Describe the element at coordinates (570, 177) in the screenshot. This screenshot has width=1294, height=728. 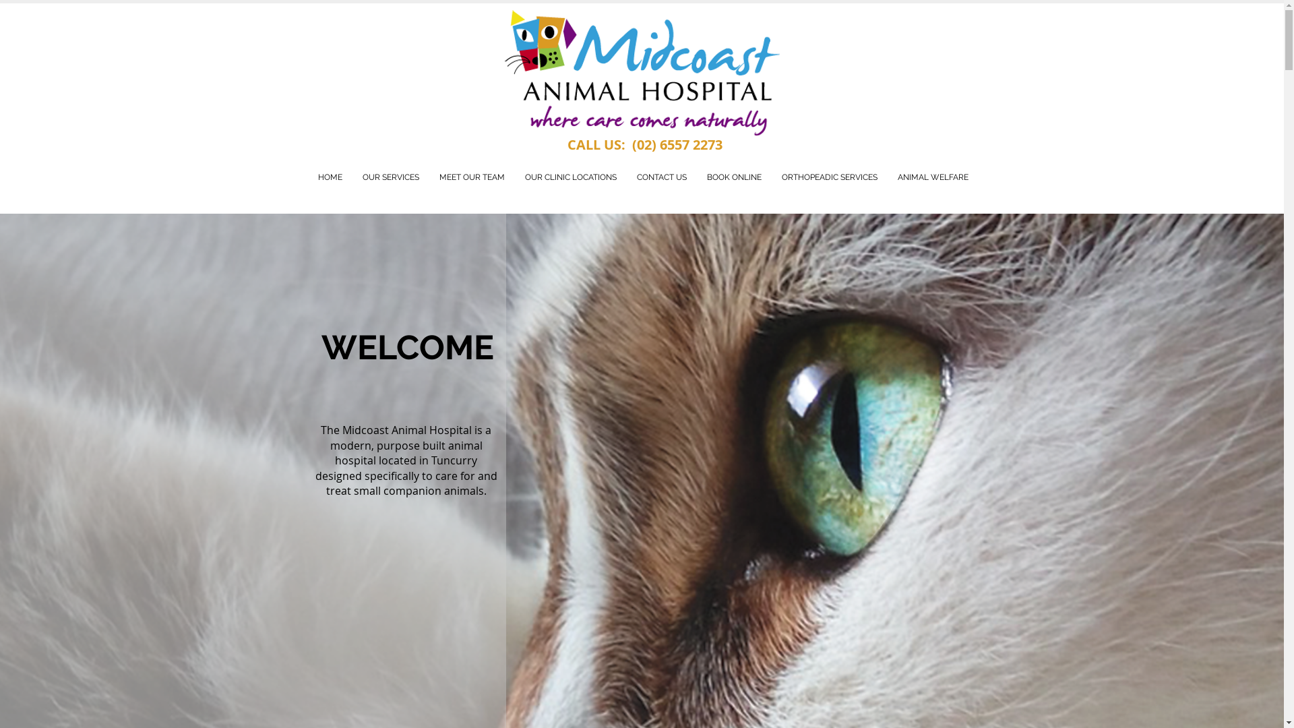
I see `'OUR CLINIC LOCATIONS'` at that location.